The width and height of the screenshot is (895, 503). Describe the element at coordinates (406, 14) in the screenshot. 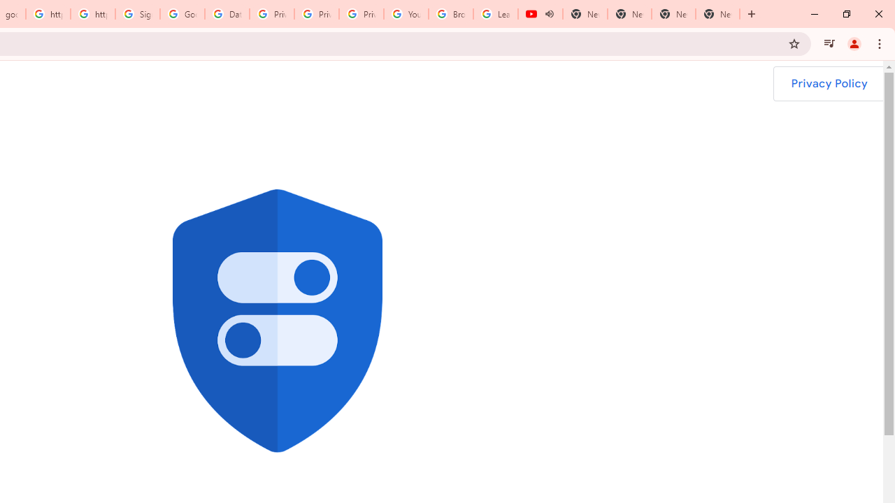

I see `'YouTube'` at that location.